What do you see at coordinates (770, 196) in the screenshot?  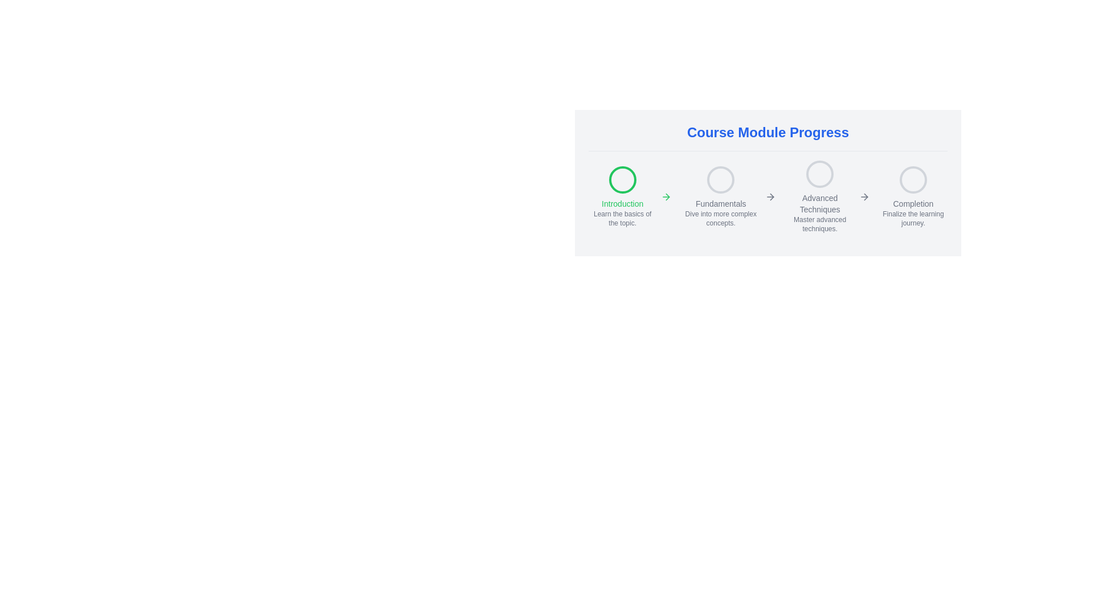 I see `the right-pointing arrow icon, which is gray and located next to the 'Fundamentals: Dive into more complex concepts.' text in the 'Course Module Progress' section` at bounding box center [770, 196].